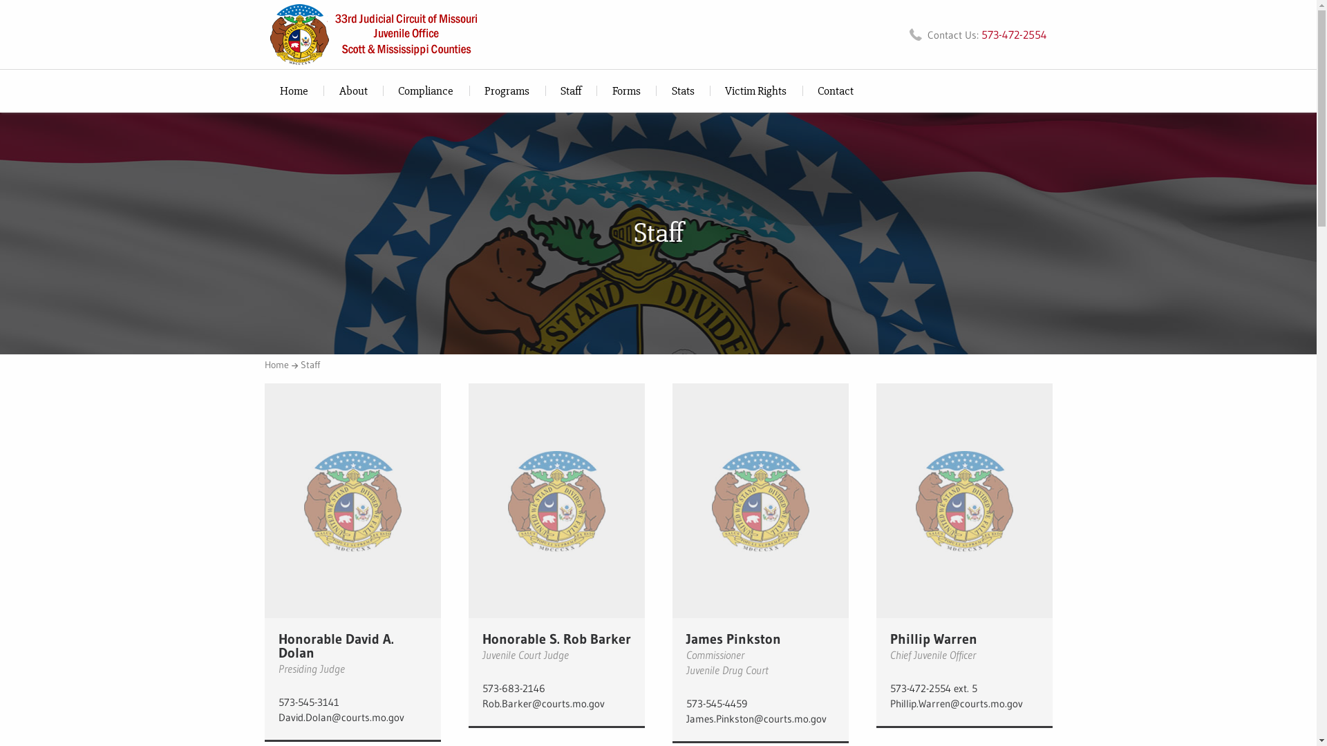  Describe the element at coordinates (655, 90) in the screenshot. I see `'Stats'` at that location.